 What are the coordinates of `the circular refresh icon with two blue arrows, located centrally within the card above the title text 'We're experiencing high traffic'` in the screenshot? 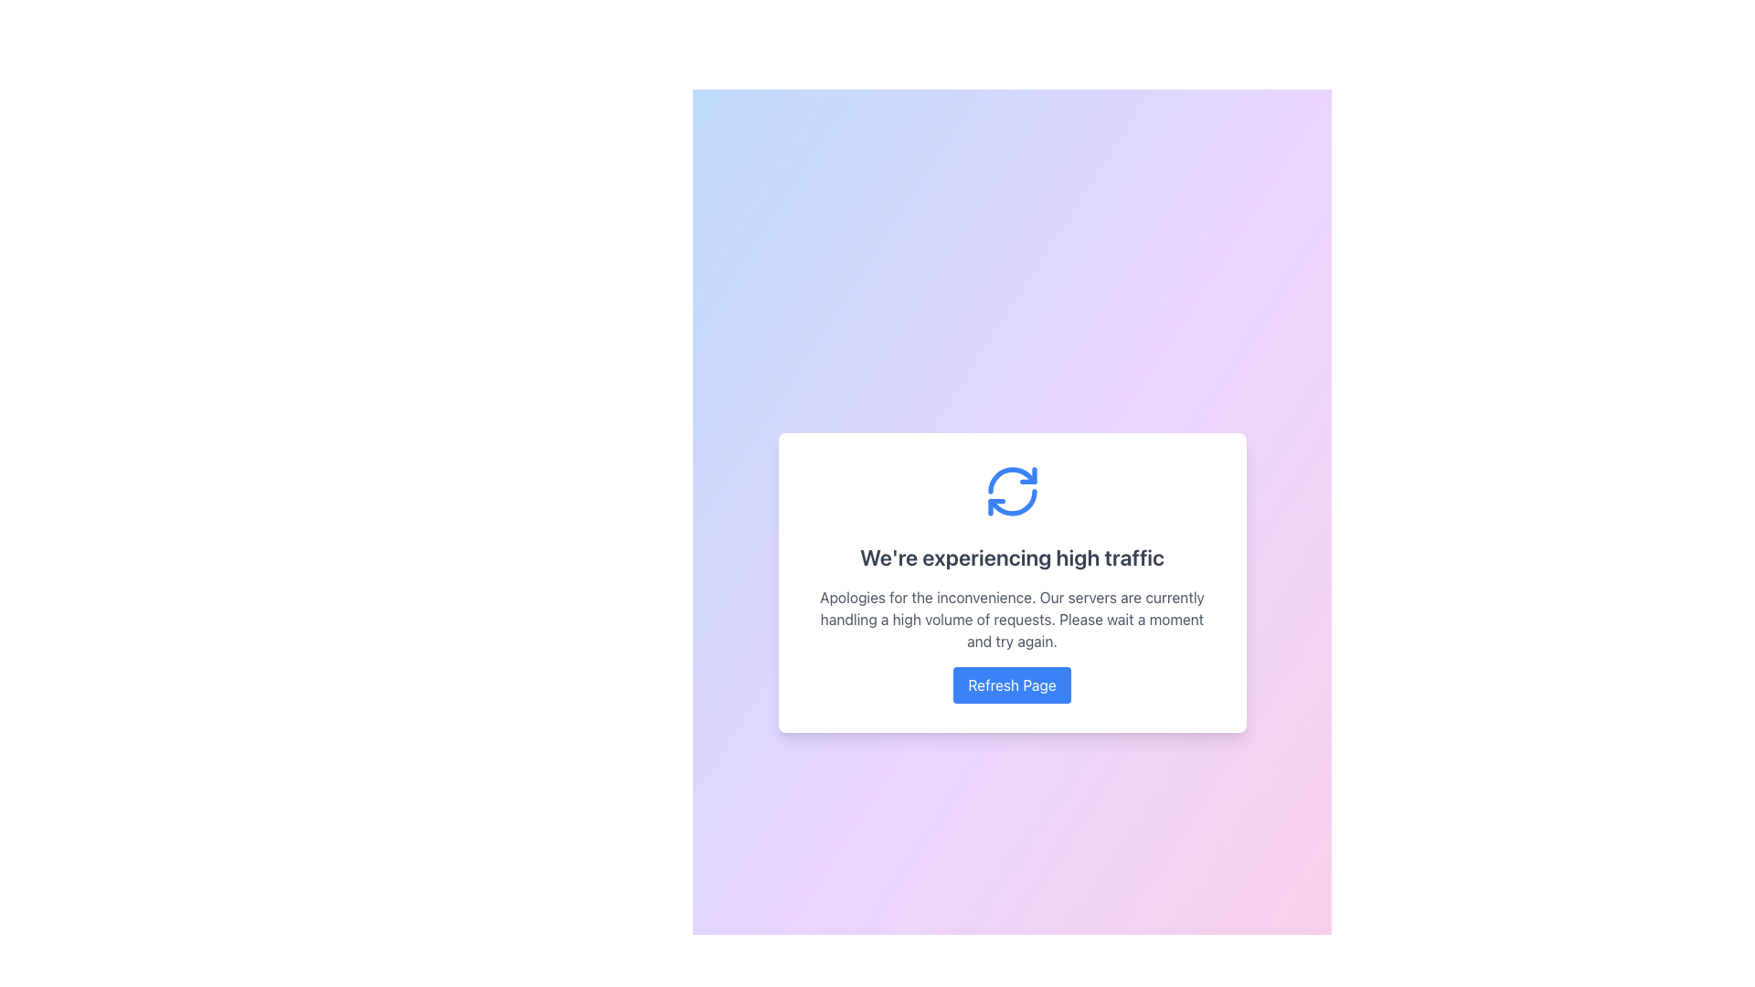 It's located at (1011, 490).